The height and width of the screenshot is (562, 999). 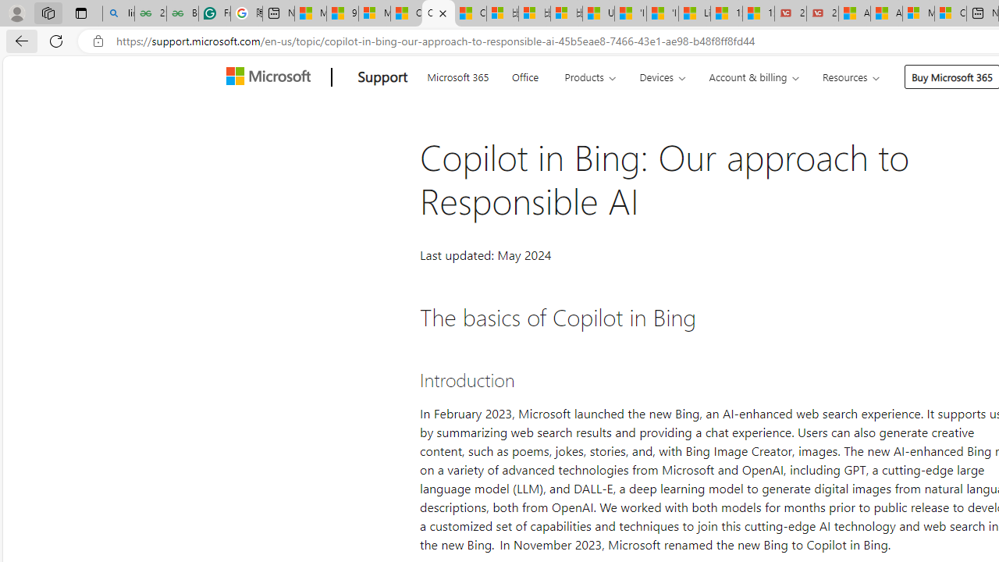 What do you see at coordinates (694, 13) in the screenshot?
I see `'Lifestyle - MSN'` at bounding box center [694, 13].